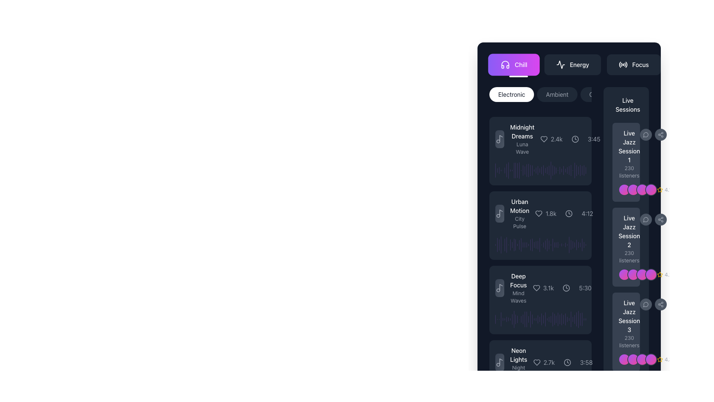  What do you see at coordinates (569, 214) in the screenshot?
I see `the SVG Circle icon with a centered dot, which represents time-related information for the music track` at bounding box center [569, 214].